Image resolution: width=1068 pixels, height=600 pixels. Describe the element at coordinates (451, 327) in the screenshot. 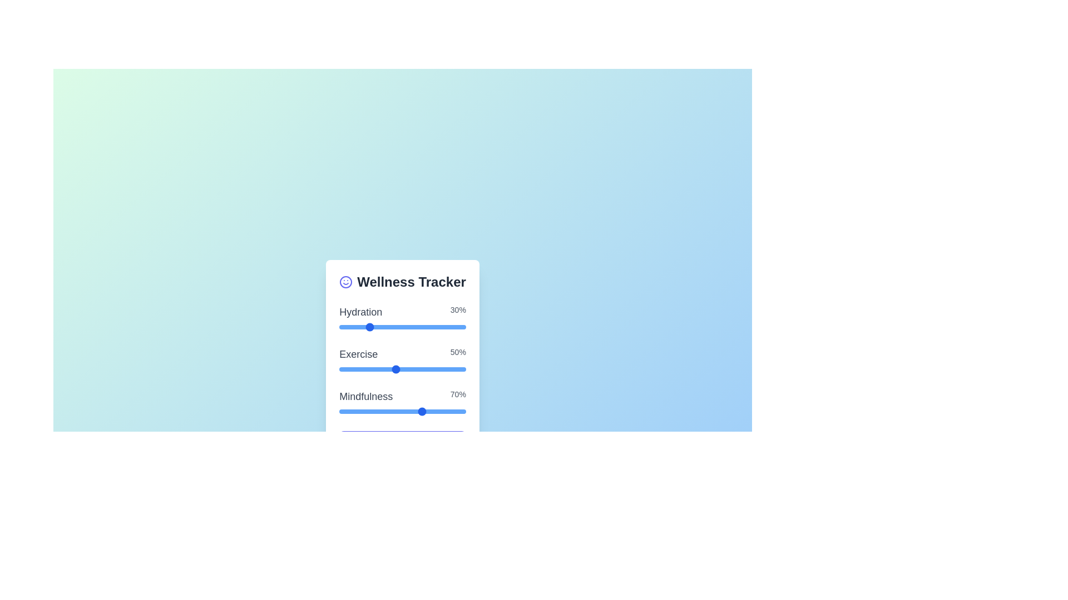

I see `the 'Hydration' slider to set its value to 9` at that location.